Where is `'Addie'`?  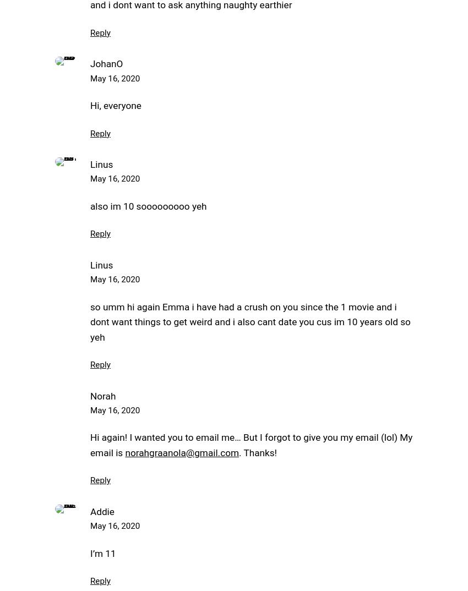 'Addie' is located at coordinates (101, 511).